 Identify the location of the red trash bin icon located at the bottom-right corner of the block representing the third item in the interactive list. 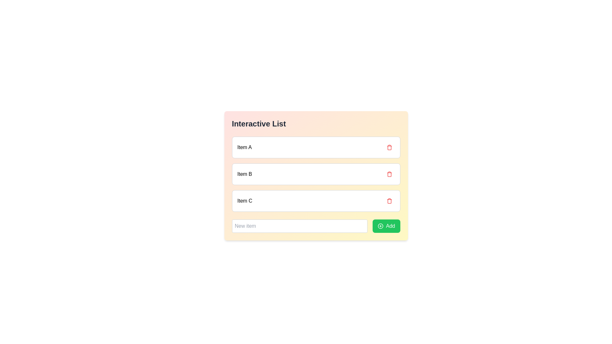
(389, 201).